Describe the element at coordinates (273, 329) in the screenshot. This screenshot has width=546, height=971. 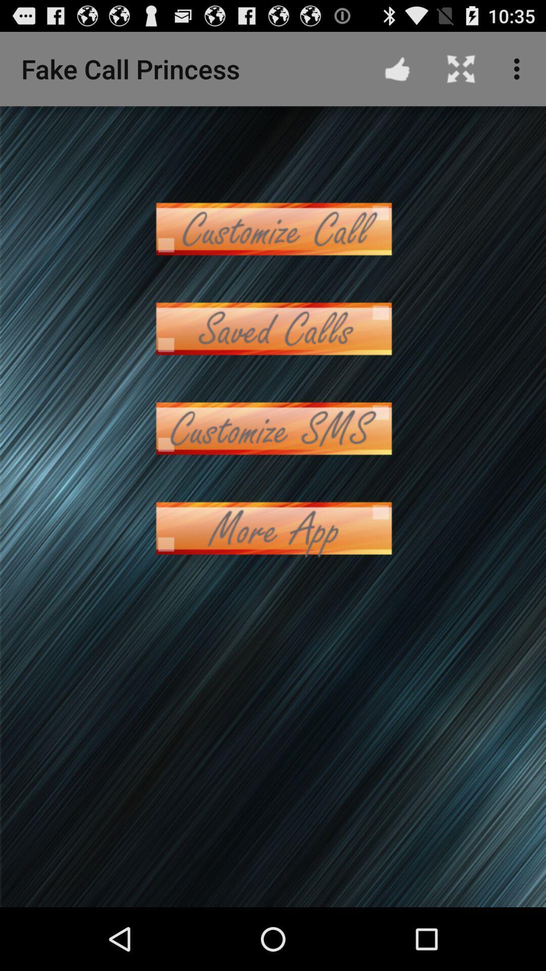
I see `saved calls` at that location.